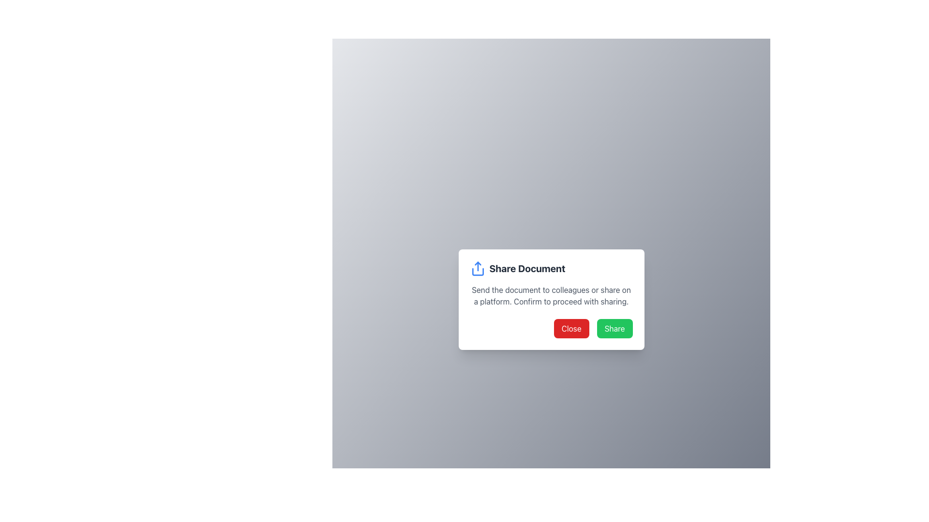 This screenshot has height=522, width=929. What do you see at coordinates (614, 328) in the screenshot?
I see `the green 'Share' button located at the bottom right of the modal dialog box` at bounding box center [614, 328].